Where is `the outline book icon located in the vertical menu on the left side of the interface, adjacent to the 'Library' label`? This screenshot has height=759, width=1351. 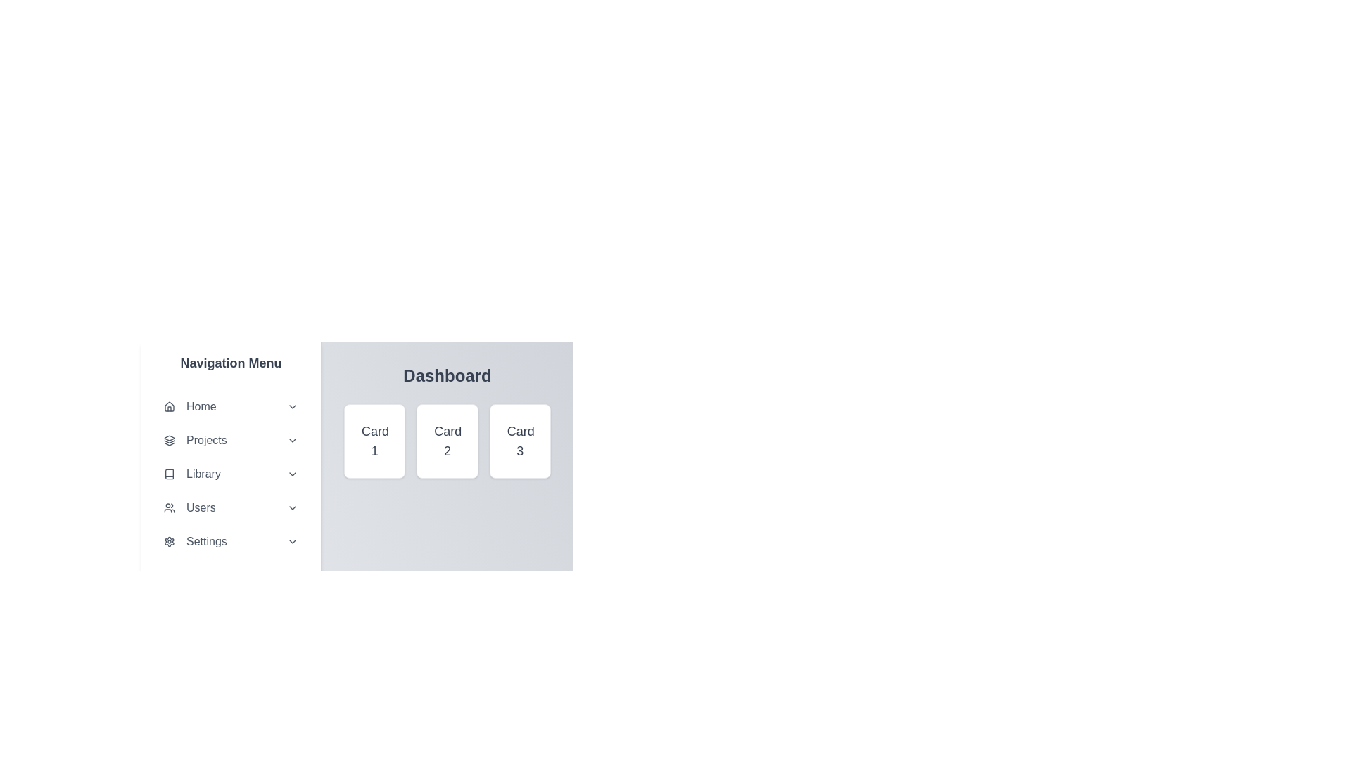 the outline book icon located in the vertical menu on the left side of the interface, adjacent to the 'Library' label is located at coordinates (169, 474).